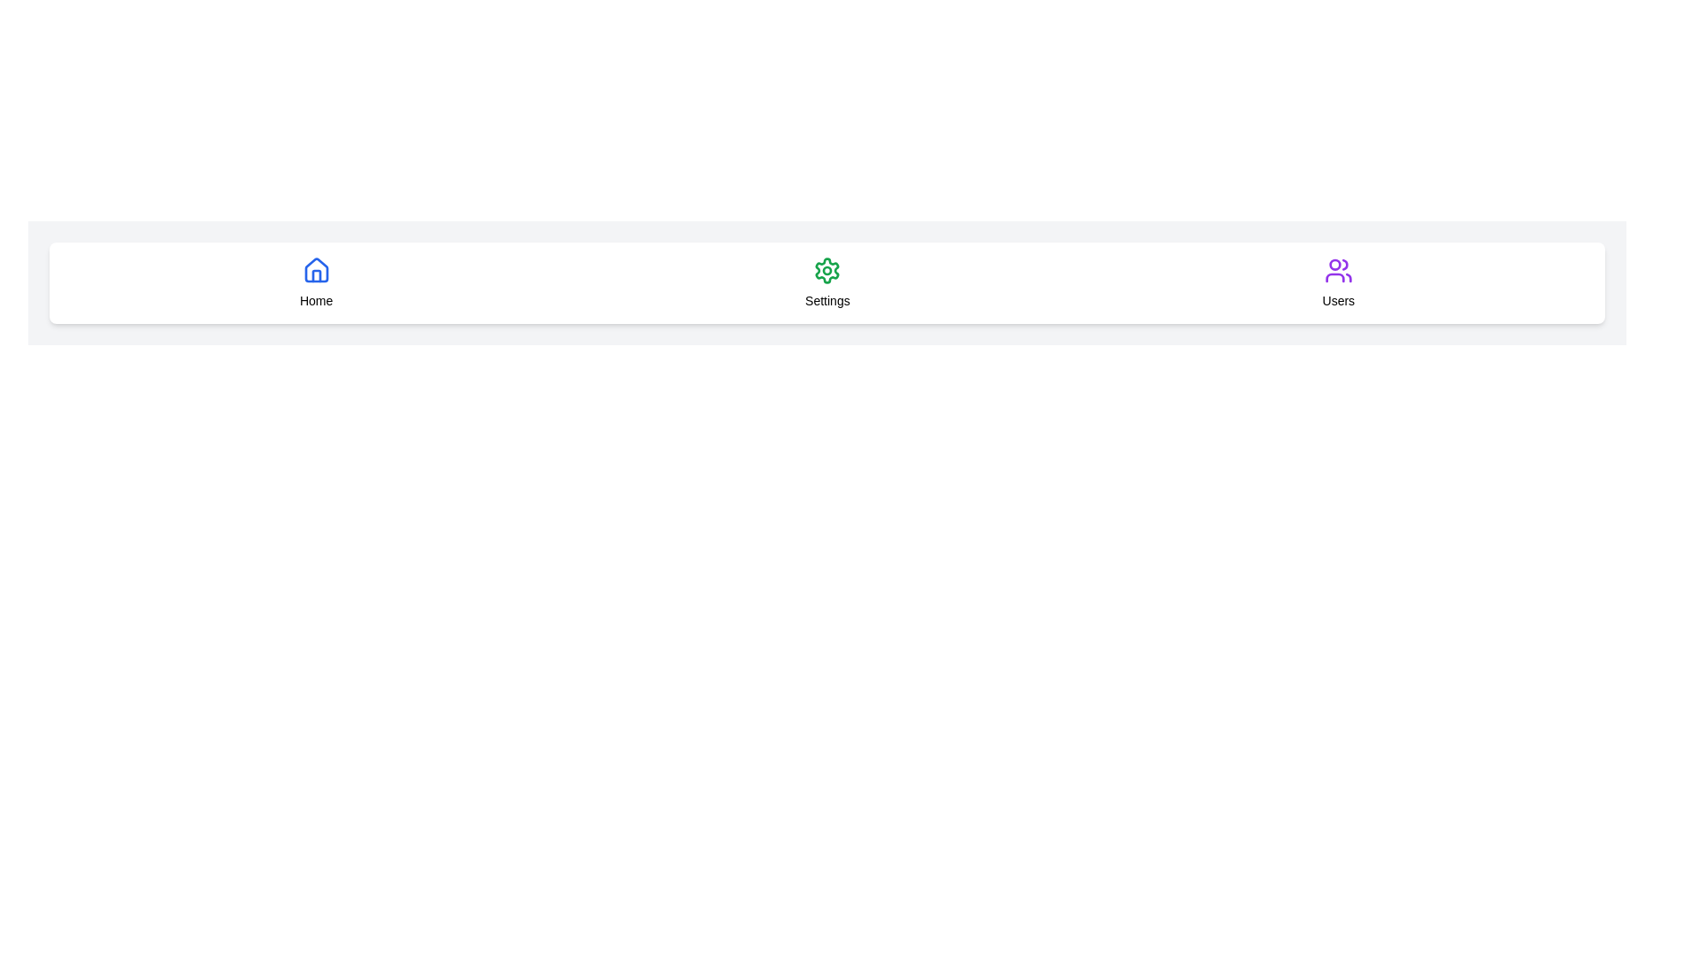 Image resolution: width=1699 pixels, height=956 pixels. I want to click on the 'Home' label, which is centrally located in the navigation bar directly underneath a blue house icon, so click(316, 299).